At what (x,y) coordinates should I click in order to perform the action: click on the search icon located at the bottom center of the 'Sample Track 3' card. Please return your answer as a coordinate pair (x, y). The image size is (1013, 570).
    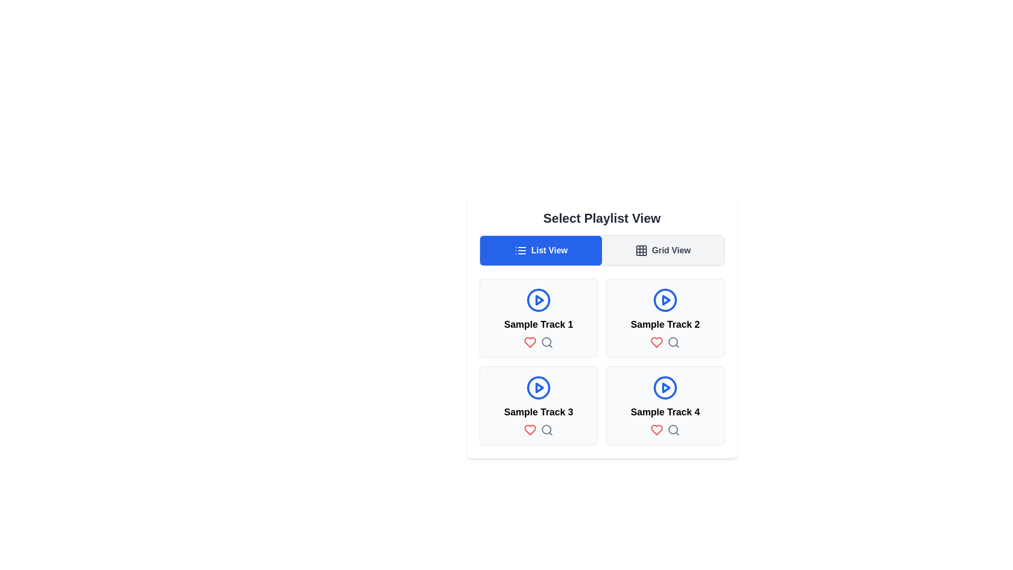
    Looking at the image, I should click on (547, 430).